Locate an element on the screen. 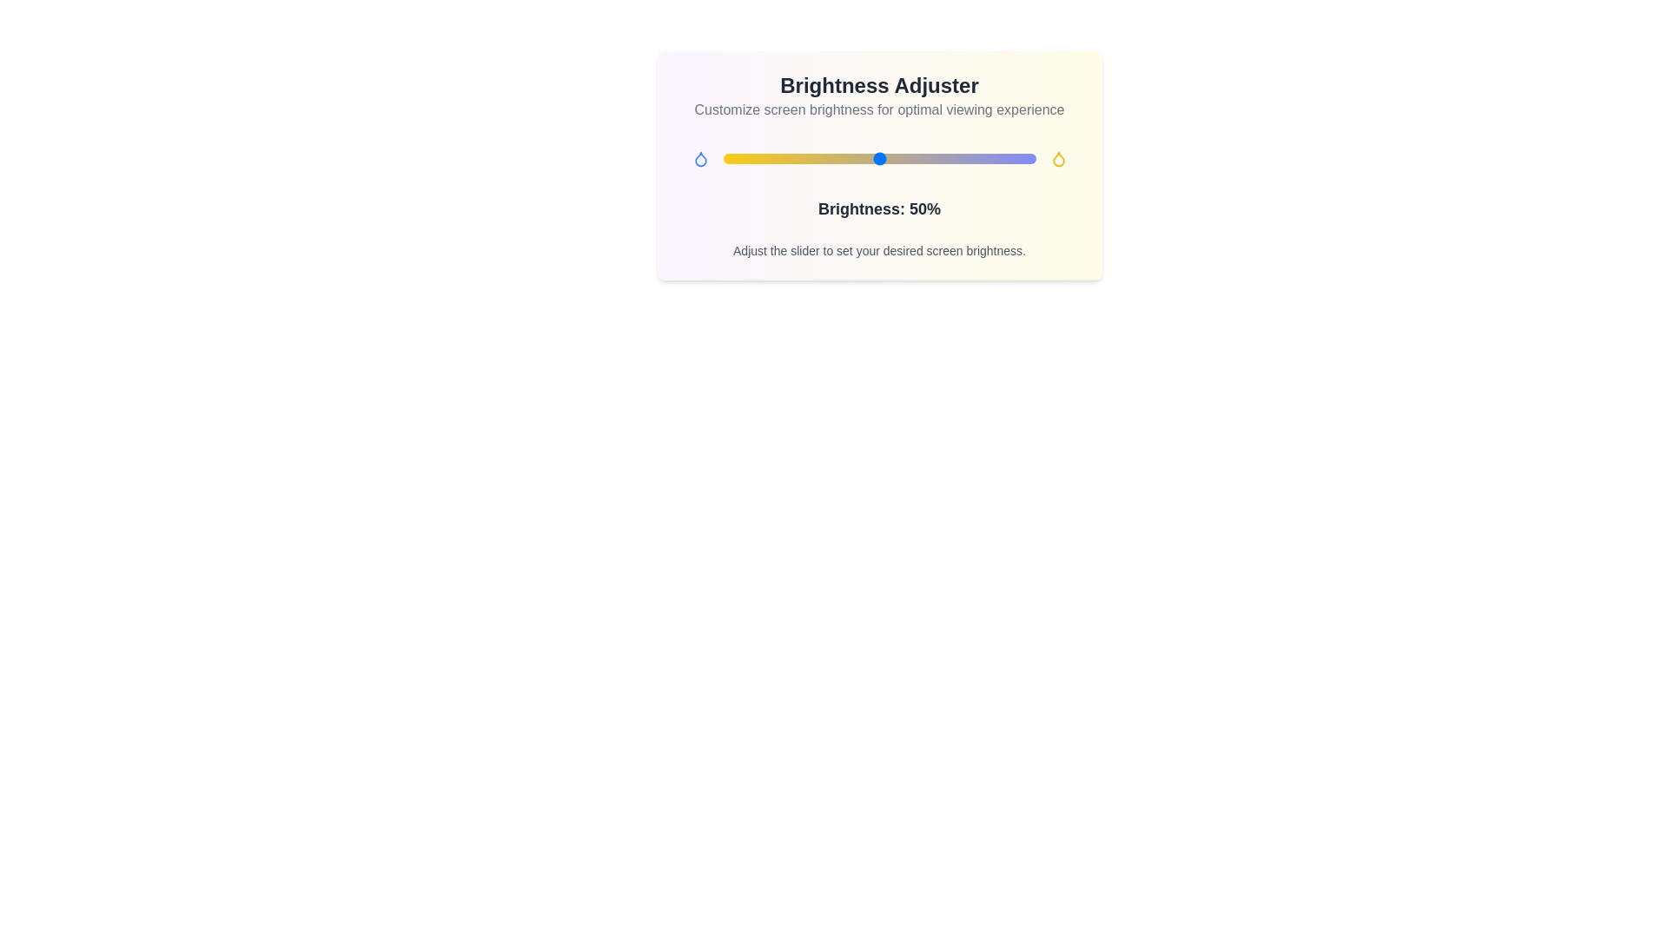 This screenshot has width=1668, height=938. the brightness slider to 4% is located at coordinates (735, 158).